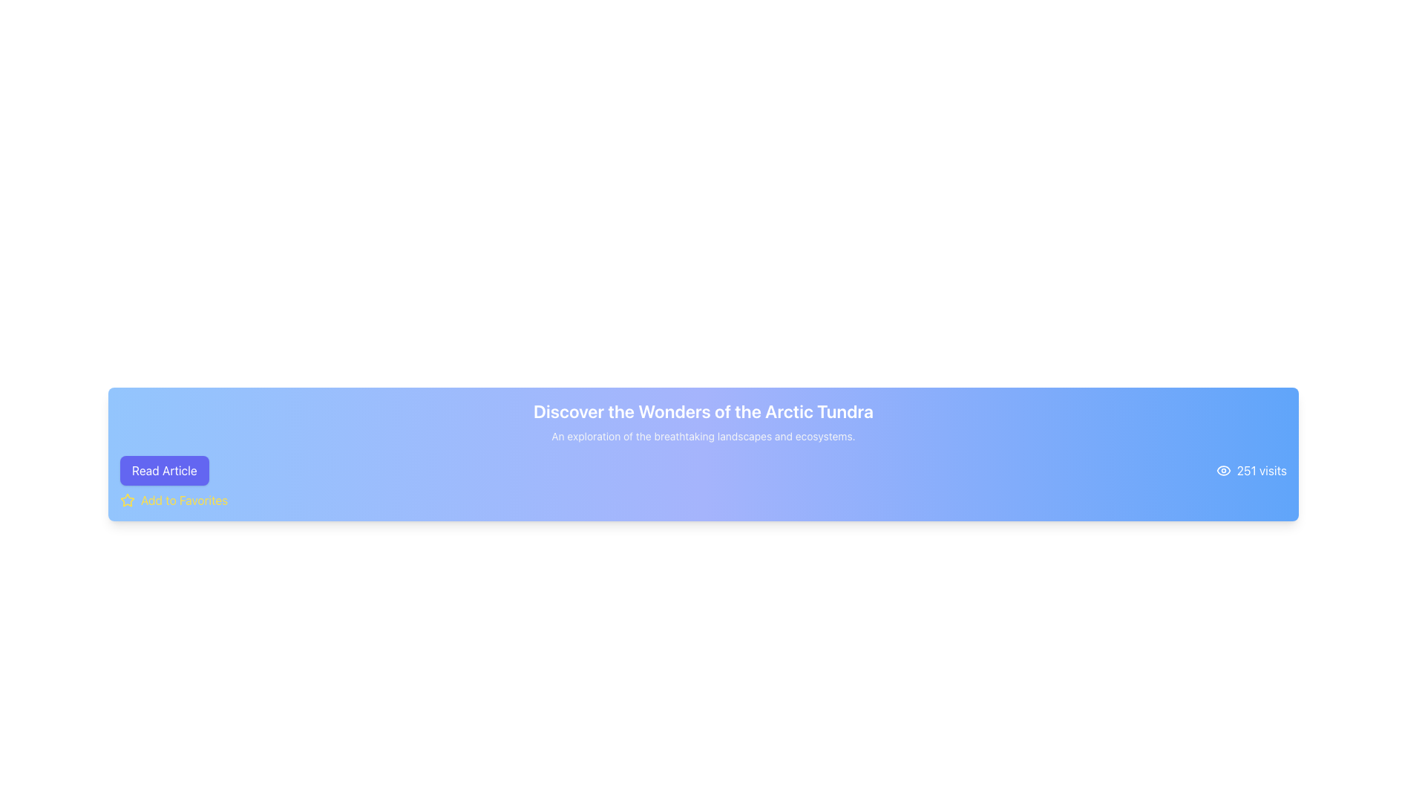 Image resolution: width=1425 pixels, height=802 pixels. Describe the element at coordinates (164, 470) in the screenshot. I see `the 'Read Article' button, which is a rectangular button with rounded corners and a purple background` at that location.